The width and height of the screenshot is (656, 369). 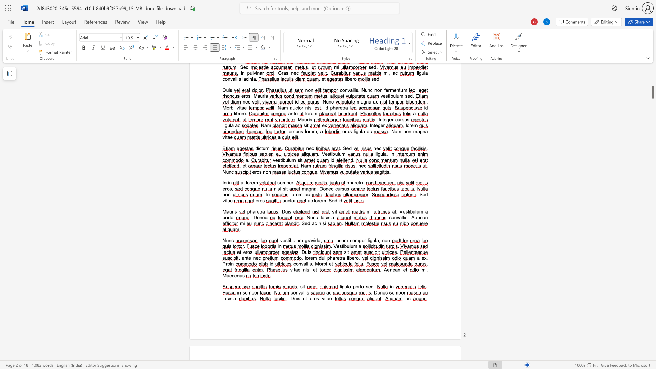 I want to click on the space between the continuous character "a" and "t" in the text, so click(x=394, y=211).